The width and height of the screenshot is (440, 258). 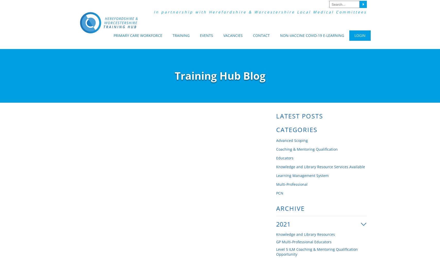 I want to click on 'In partnership with Herefordshire & Worcestershire Local Medical Committees', so click(x=154, y=12).